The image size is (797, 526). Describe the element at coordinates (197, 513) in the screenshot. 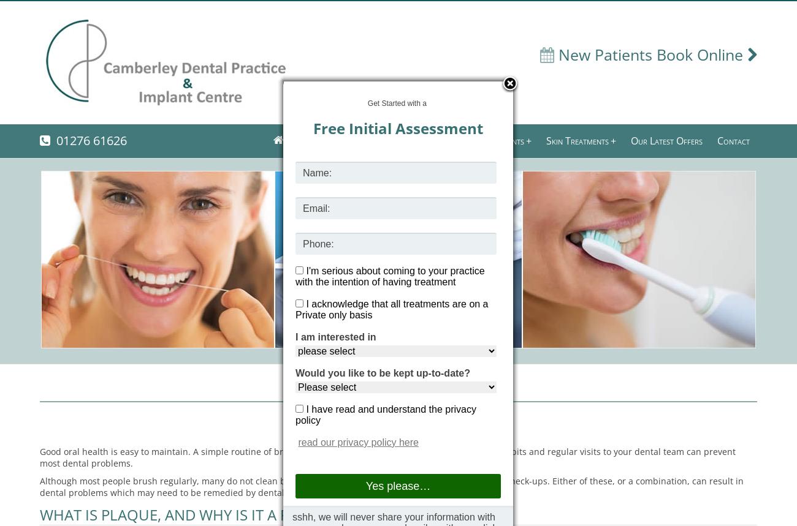

I see `'WHAT IS PLAQUE, AND WHY IS IT A PROBLEM?'` at that location.